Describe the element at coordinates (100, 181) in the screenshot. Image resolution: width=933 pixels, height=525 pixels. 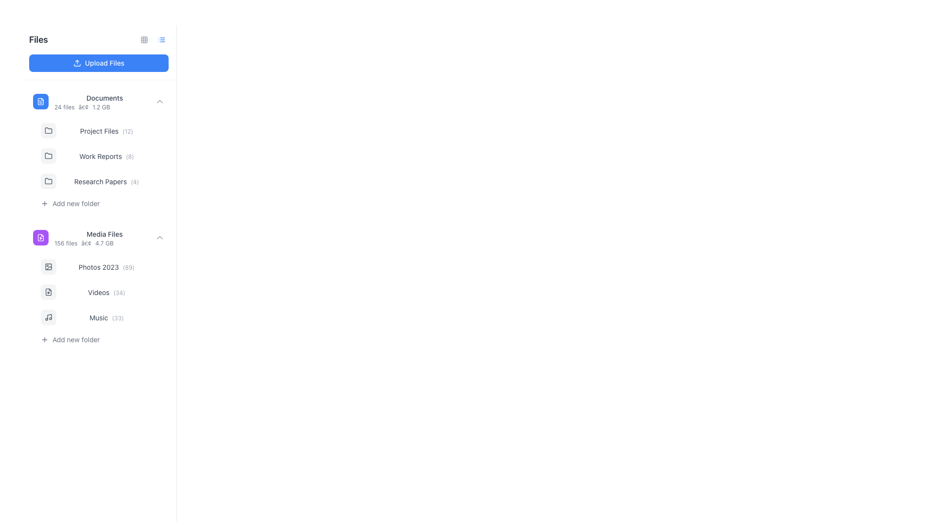
I see `the static text label 'Research Papers' which is part of a list under the 'Documents' section` at that location.